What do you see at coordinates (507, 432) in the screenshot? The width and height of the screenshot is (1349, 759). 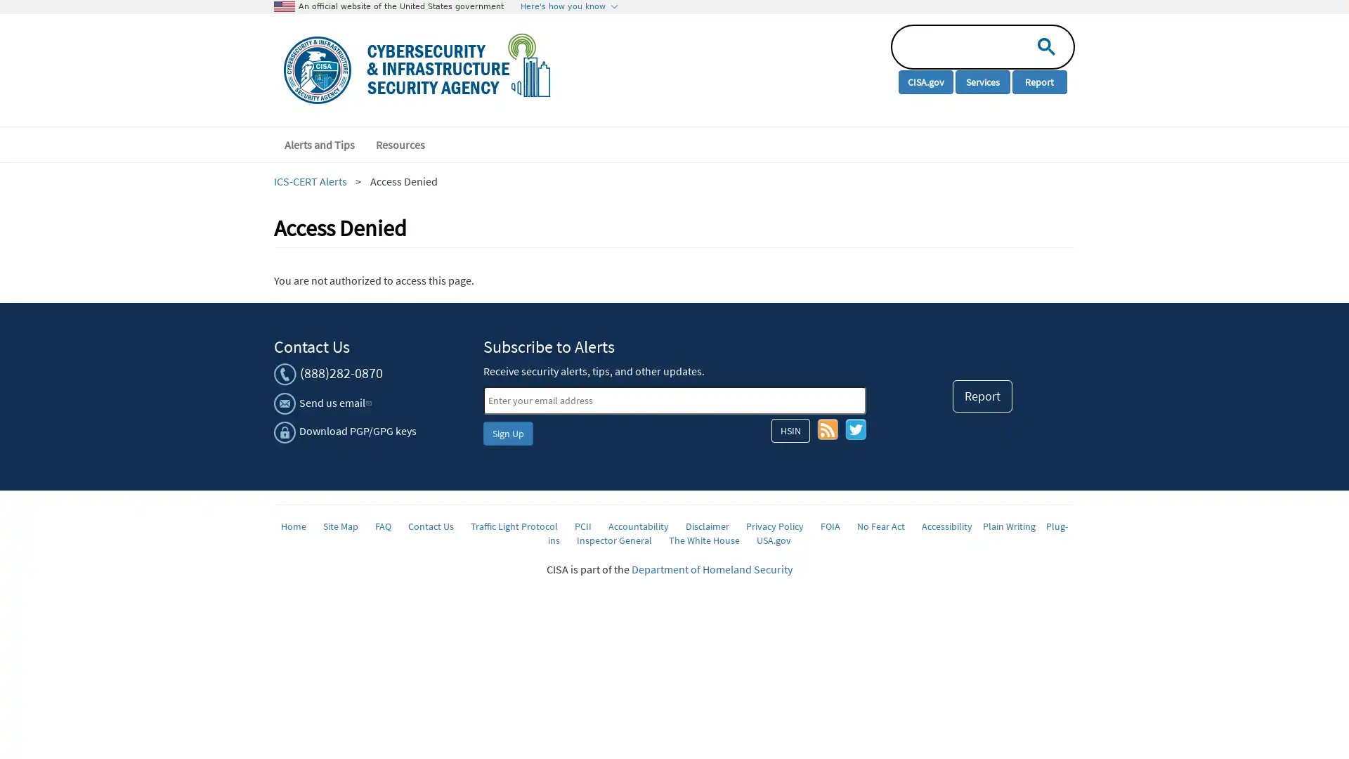 I see `Sign Up` at bounding box center [507, 432].